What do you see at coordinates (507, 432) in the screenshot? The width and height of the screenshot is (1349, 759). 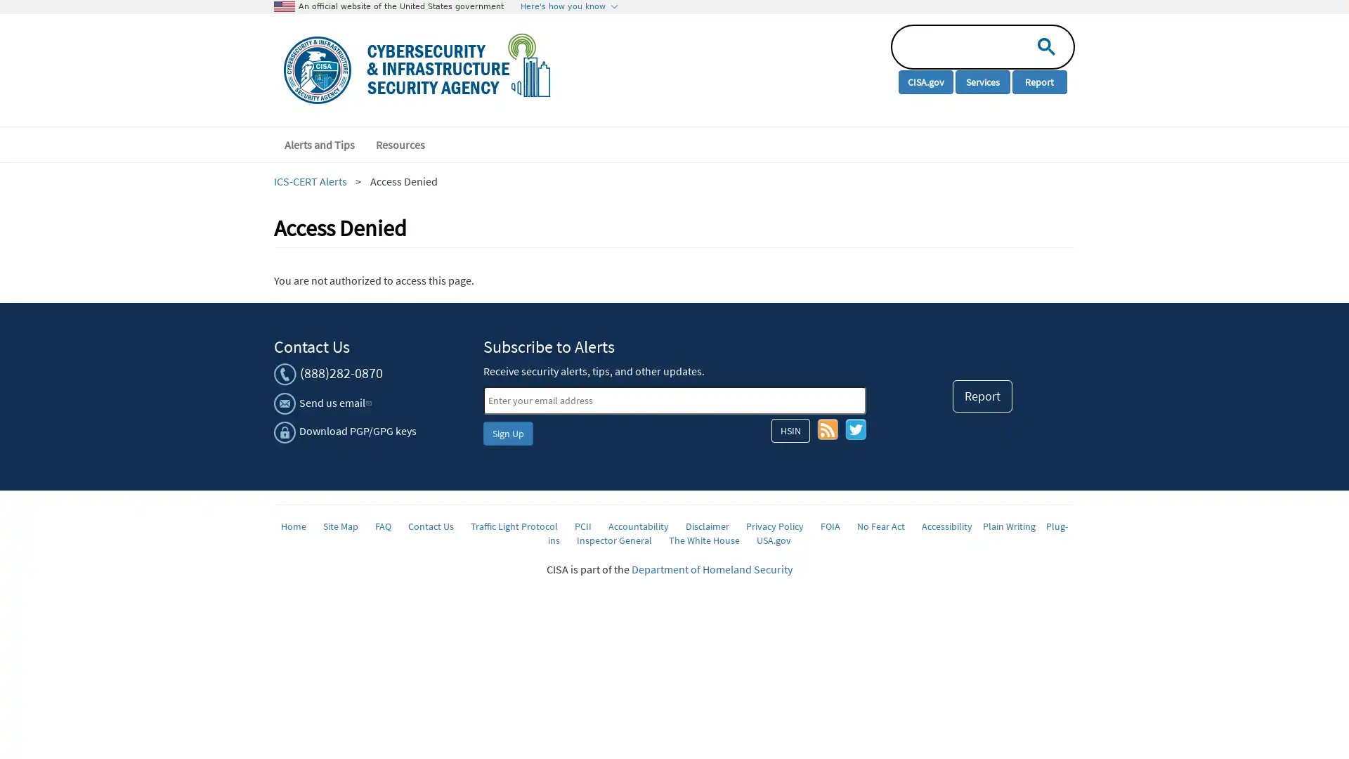 I see `Sign Up` at bounding box center [507, 432].